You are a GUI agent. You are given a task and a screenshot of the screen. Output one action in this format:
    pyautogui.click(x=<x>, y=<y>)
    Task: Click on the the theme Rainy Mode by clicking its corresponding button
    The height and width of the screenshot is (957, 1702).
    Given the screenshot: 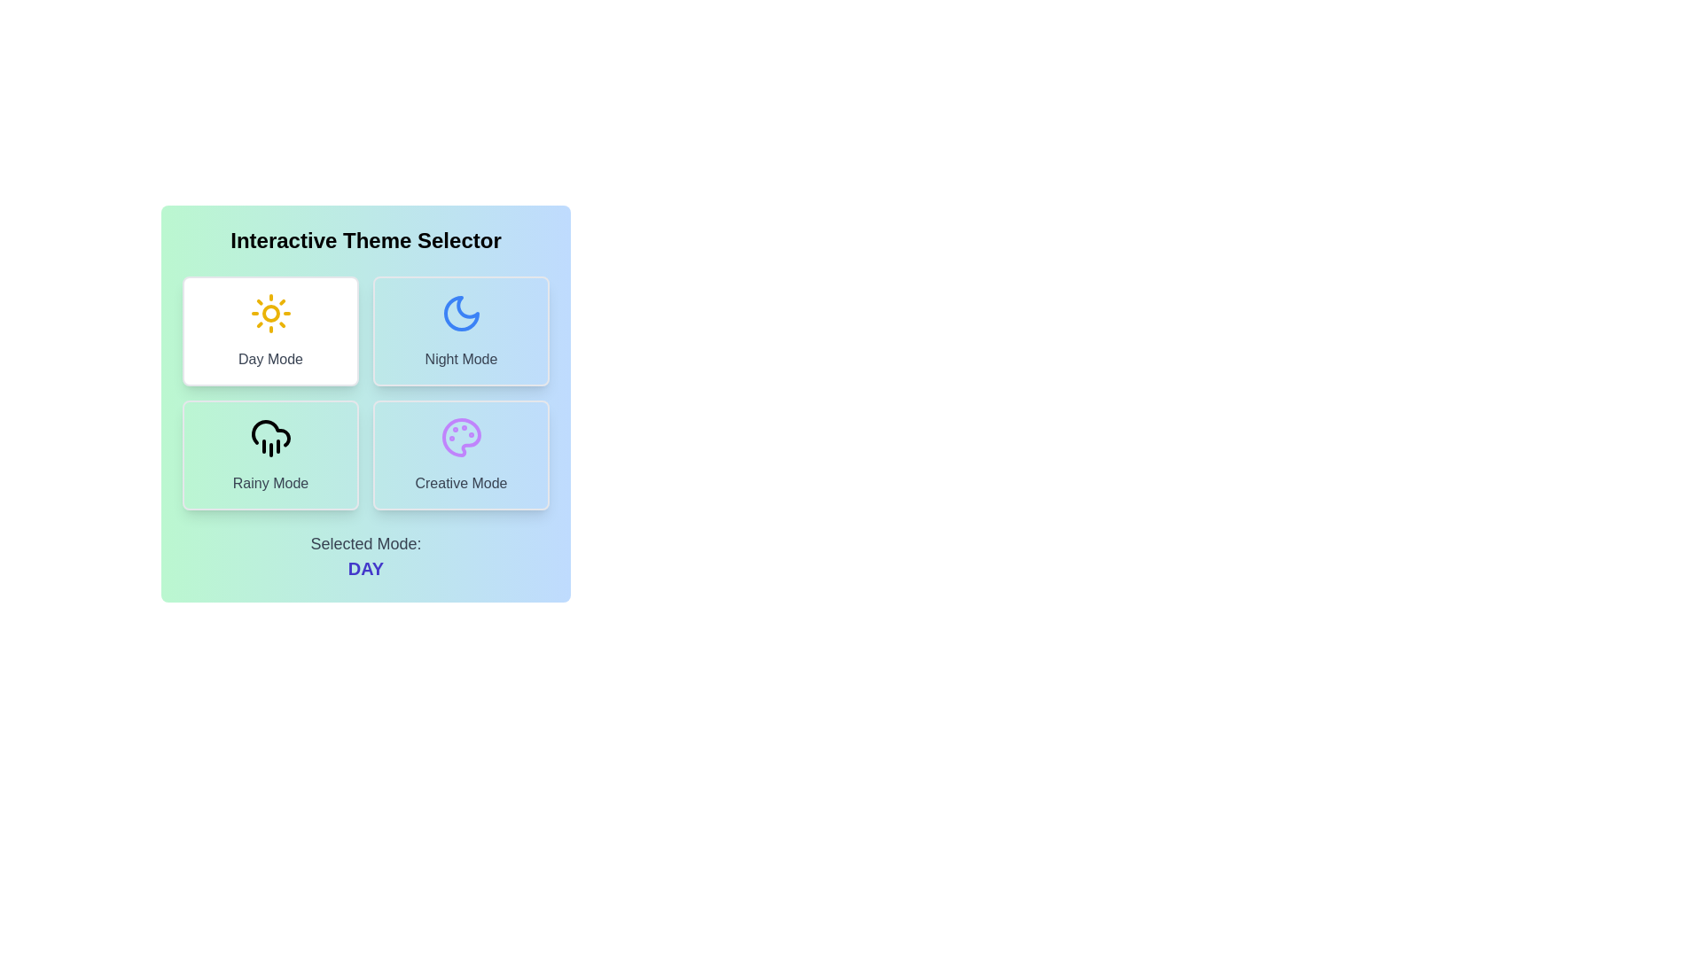 What is the action you would take?
    pyautogui.click(x=269, y=454)
    